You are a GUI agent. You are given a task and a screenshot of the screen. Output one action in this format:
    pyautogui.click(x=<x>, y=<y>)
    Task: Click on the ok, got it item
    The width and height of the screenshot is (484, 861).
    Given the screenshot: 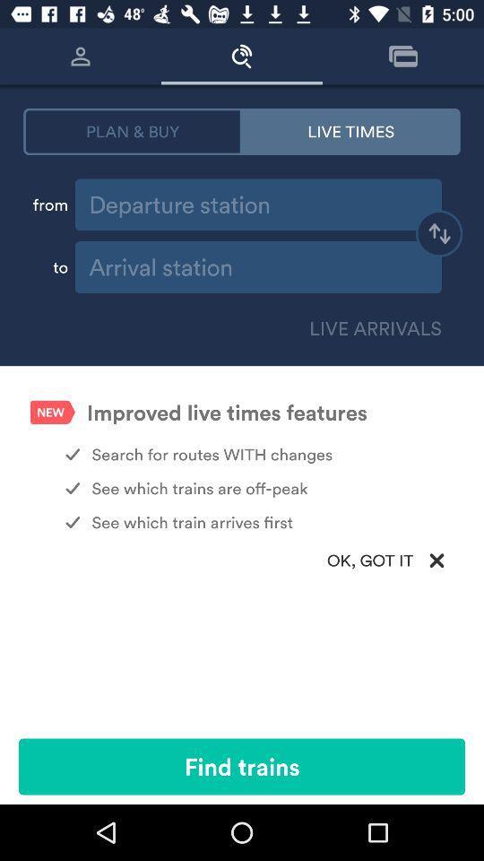 What is the action you would take?
    pyautogui.click(x=242, y=560)
    